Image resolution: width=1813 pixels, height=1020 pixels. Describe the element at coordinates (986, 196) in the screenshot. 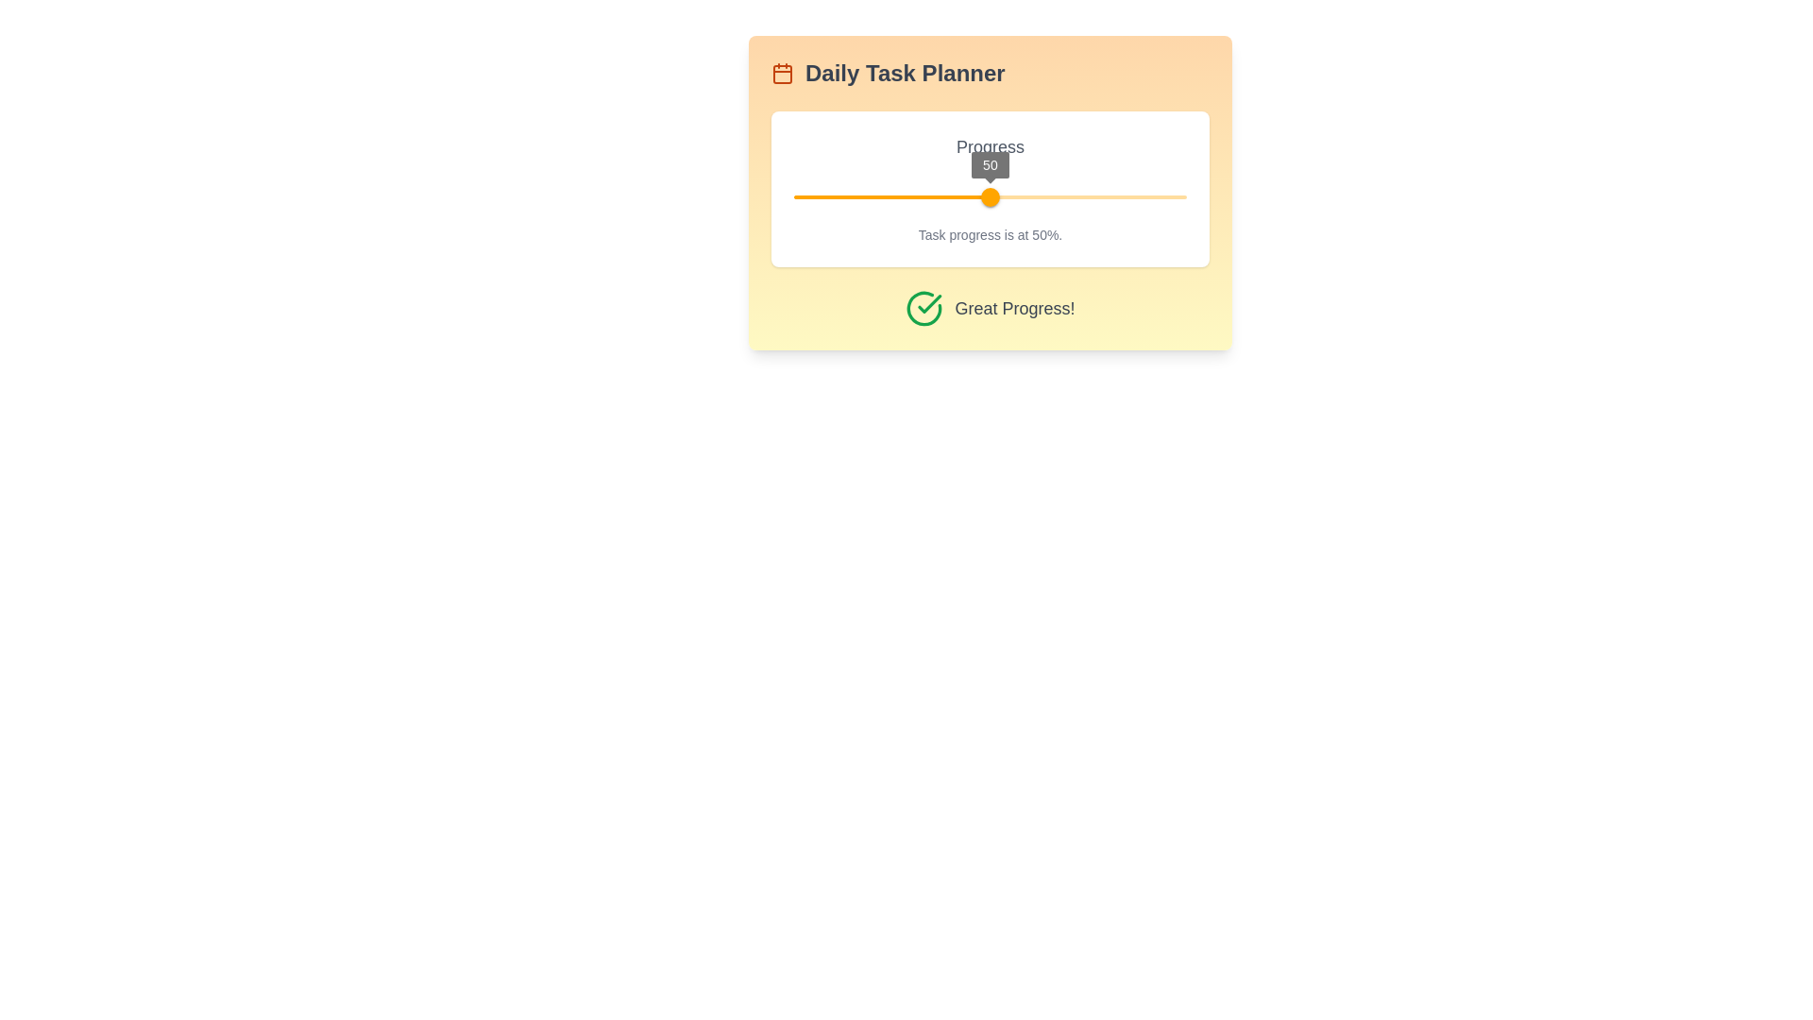

I see `the progress value` at that location.